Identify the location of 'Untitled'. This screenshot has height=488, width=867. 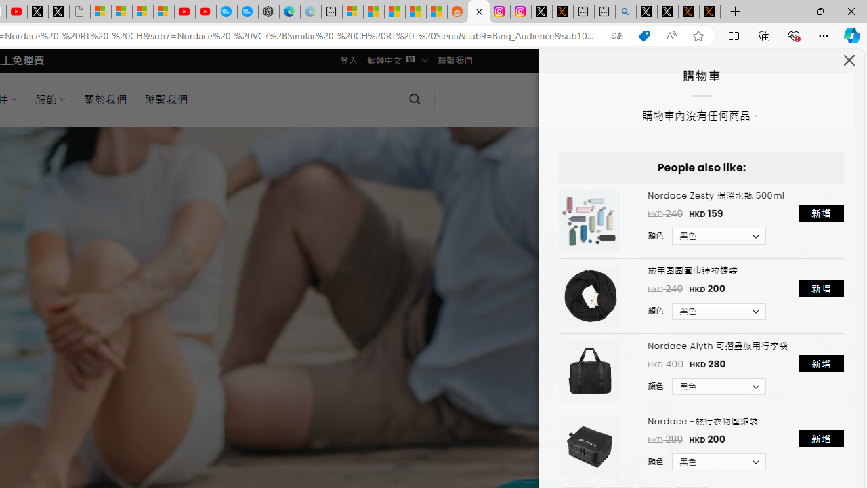
(79, 12).